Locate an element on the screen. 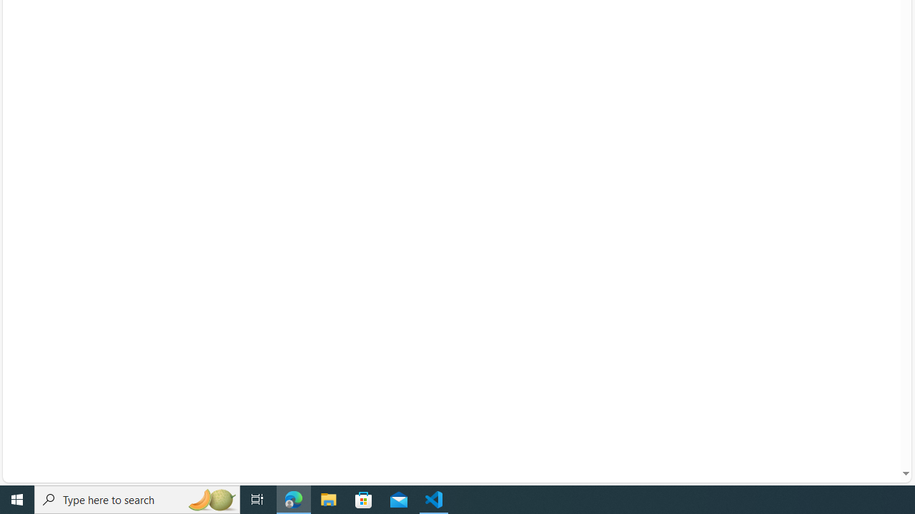  'Microsoft Edge - 1 running window' is located at coordinates (293, 498).